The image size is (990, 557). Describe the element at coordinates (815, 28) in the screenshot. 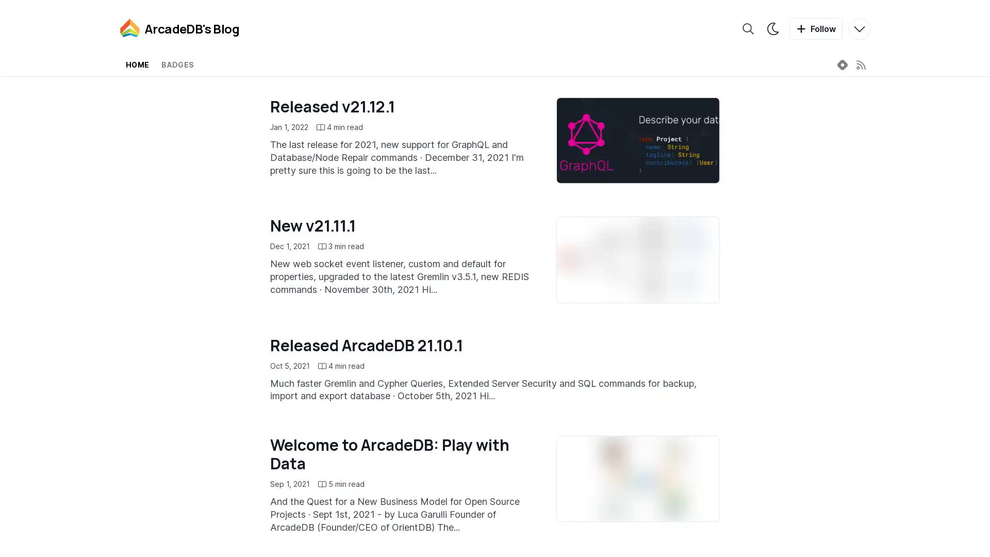

I see `Follow` at that location.